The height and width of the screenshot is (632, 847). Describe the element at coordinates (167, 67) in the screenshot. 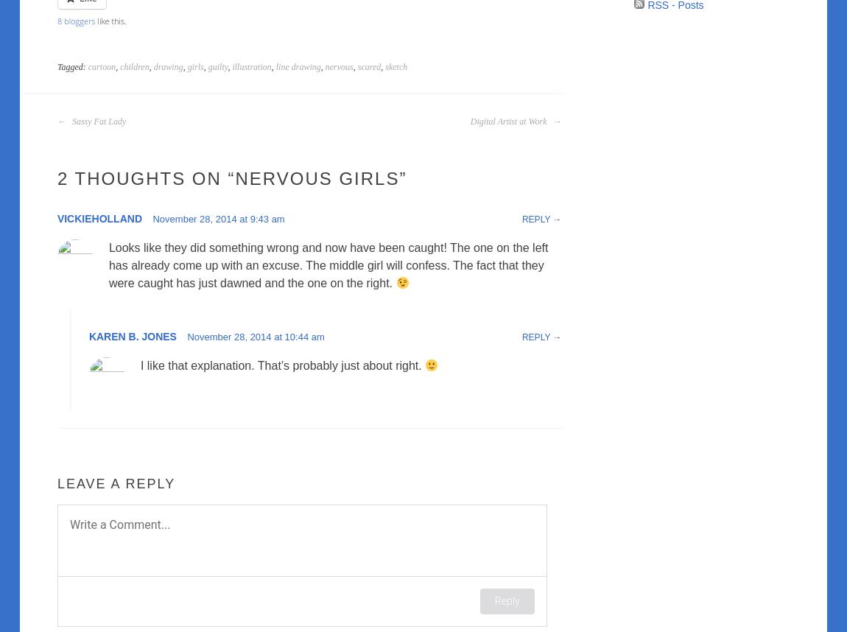

I see `'drawing'` at that location.